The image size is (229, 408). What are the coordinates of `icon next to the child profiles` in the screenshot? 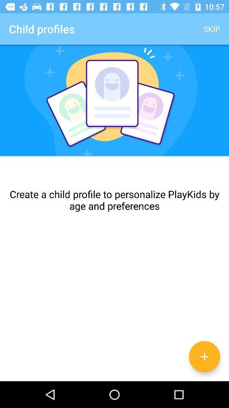 It's located at (211, 29).